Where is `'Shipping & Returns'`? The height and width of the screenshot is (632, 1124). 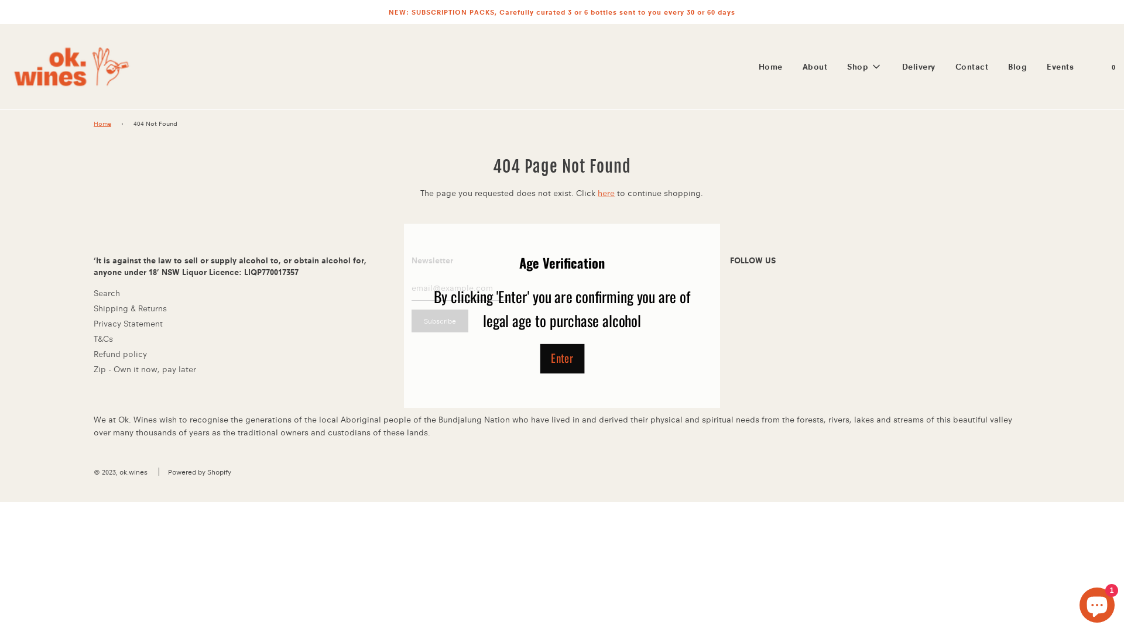
'Shipping & Returns' is located at coordinates (130, 308).